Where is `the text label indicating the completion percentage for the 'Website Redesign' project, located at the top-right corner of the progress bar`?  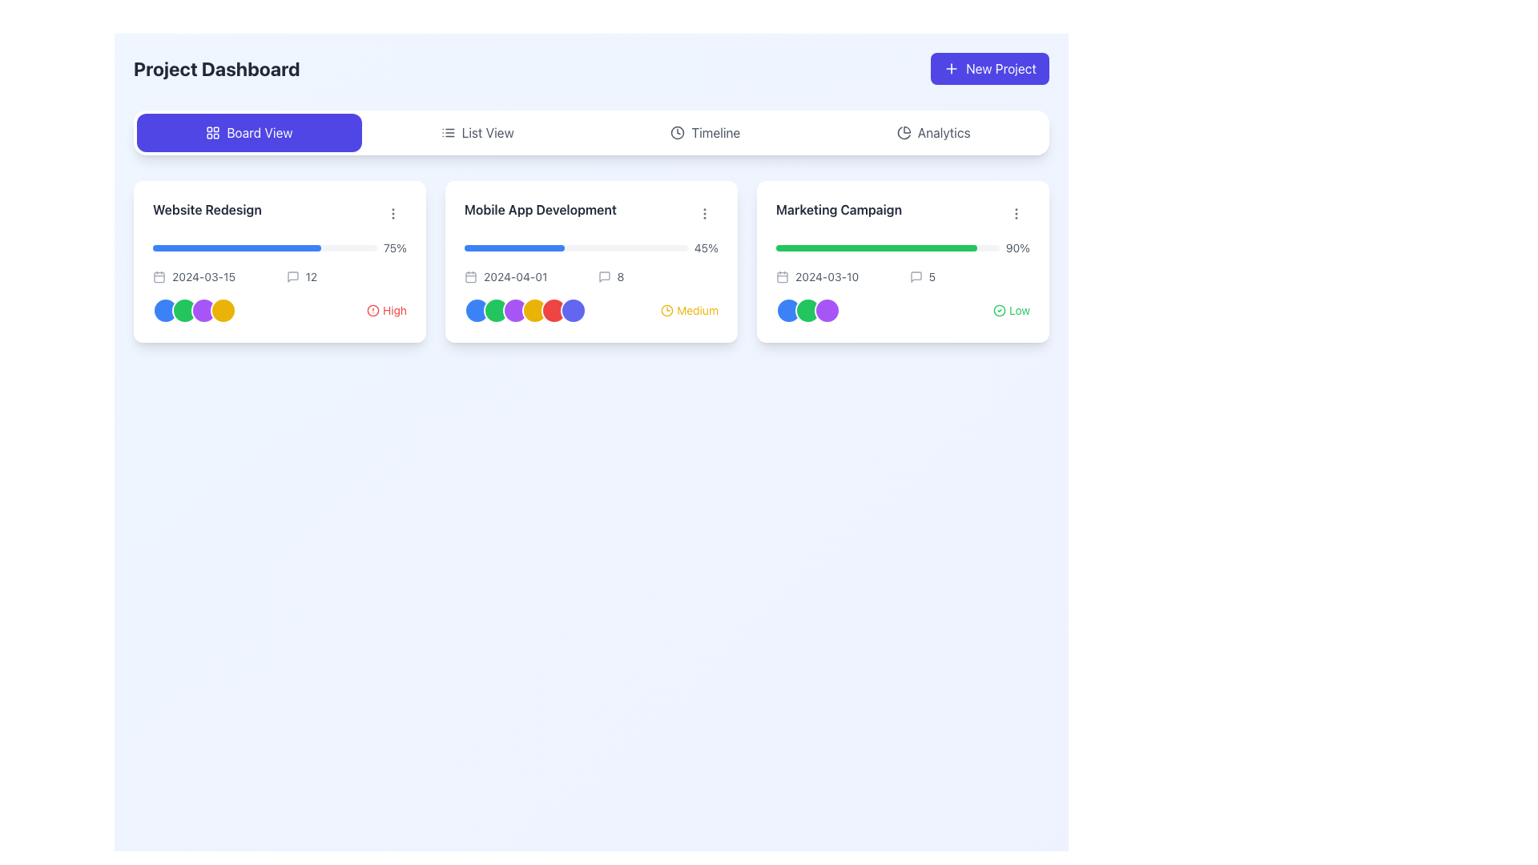
the text label indicating the completion percentage for the 'Website Redesign' project, located at the top-right corner of the progress bar is located at coordinates (395, 247).